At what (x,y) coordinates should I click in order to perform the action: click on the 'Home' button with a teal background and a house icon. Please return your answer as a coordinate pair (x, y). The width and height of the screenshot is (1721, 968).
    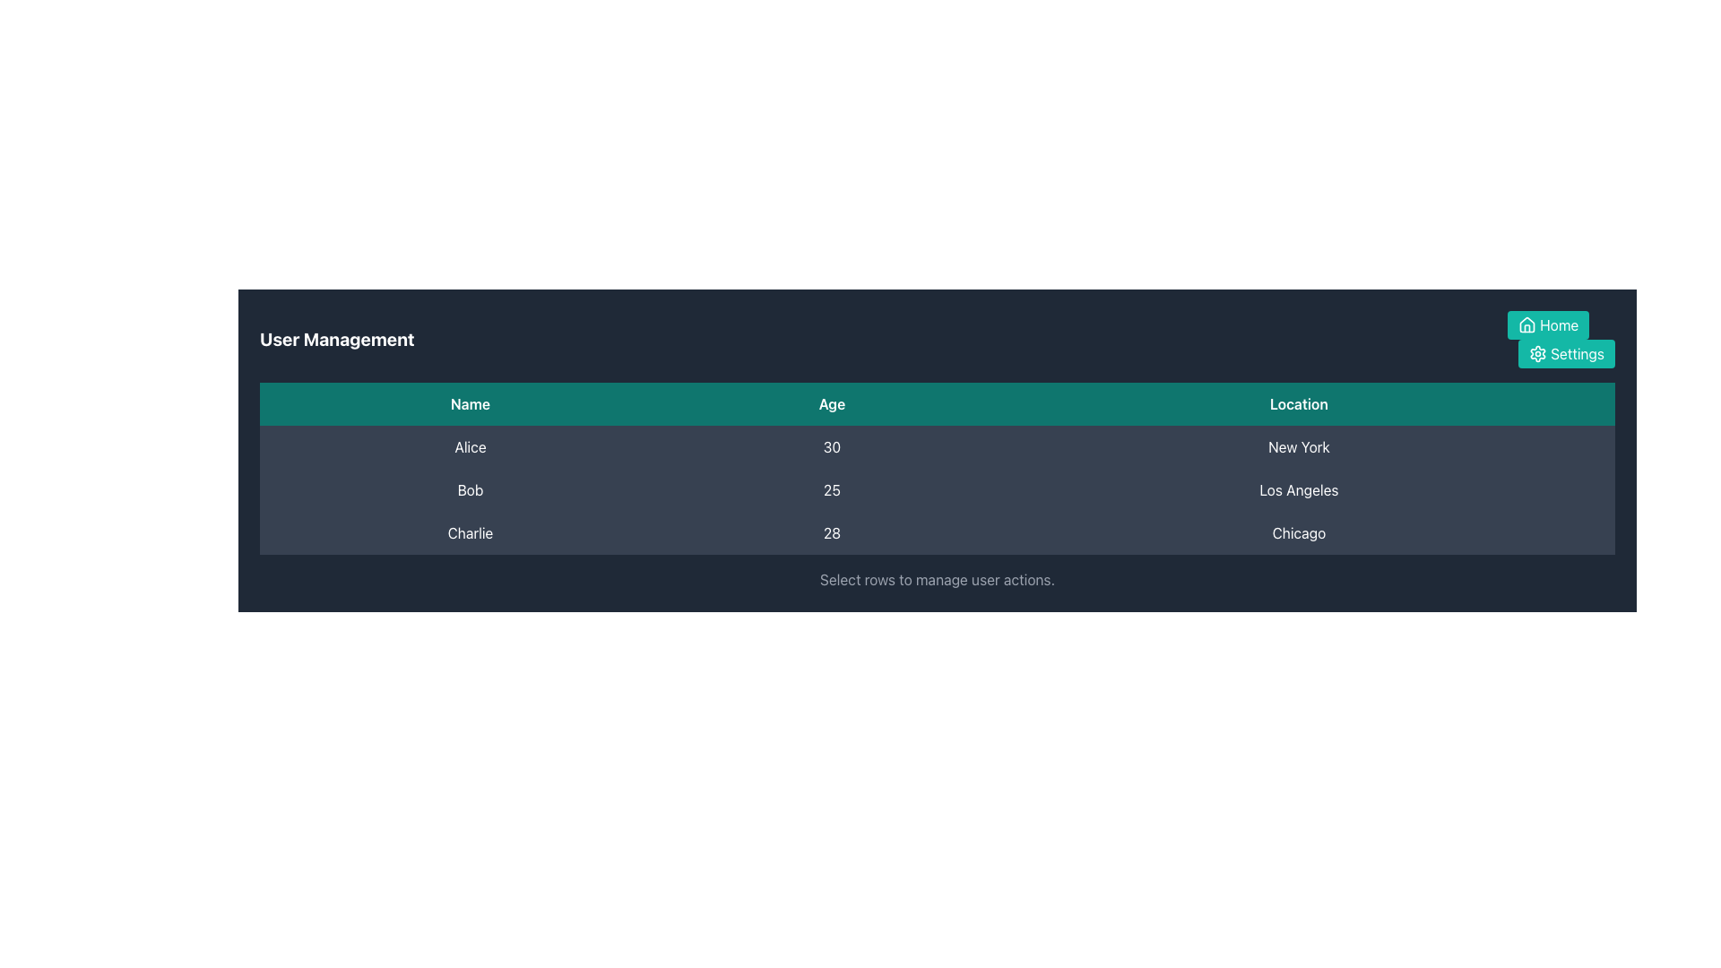
    Looking at the image, I should click on (1547, 324).